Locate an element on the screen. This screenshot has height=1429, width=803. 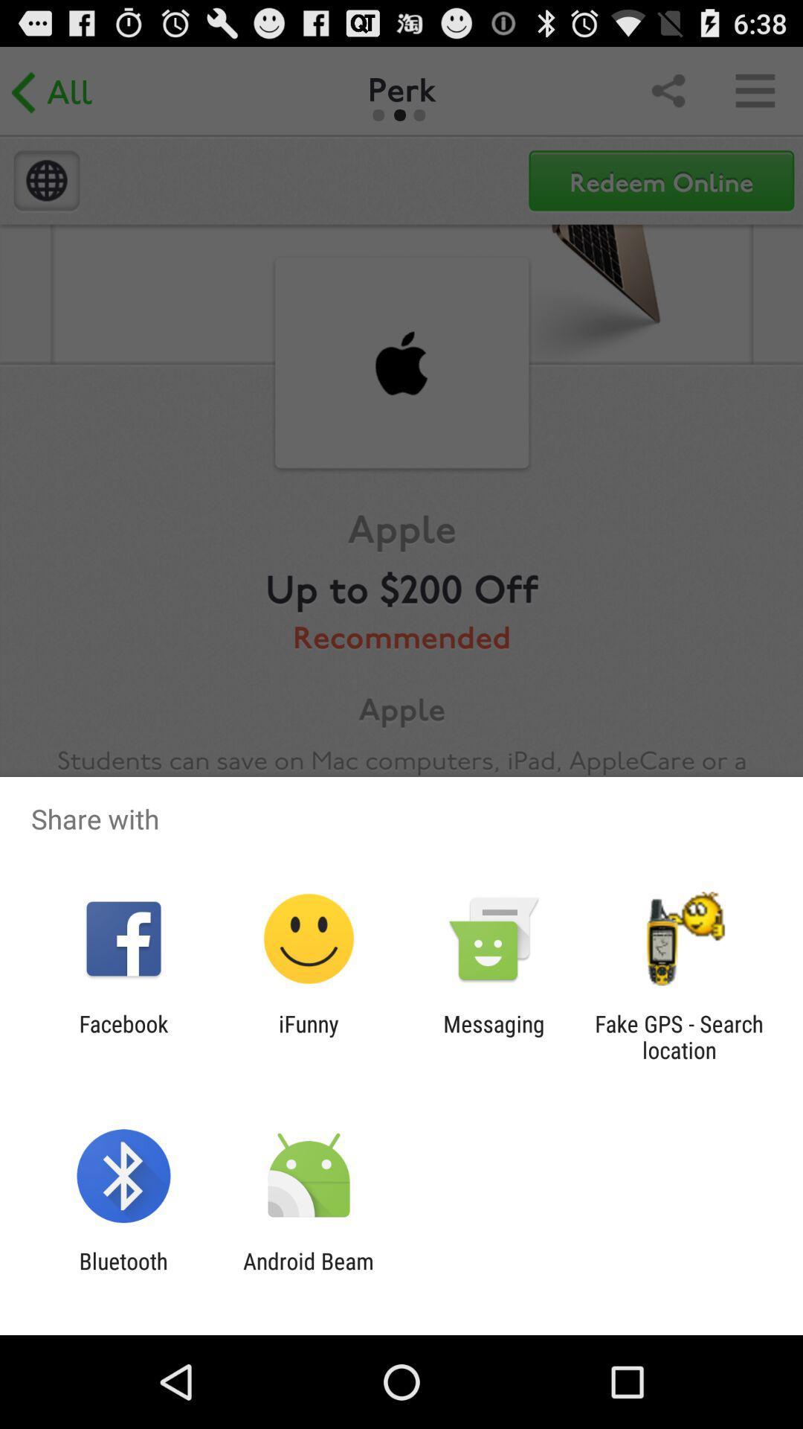
icon next to fake gps search icon is located at coordinates (494, 1036).